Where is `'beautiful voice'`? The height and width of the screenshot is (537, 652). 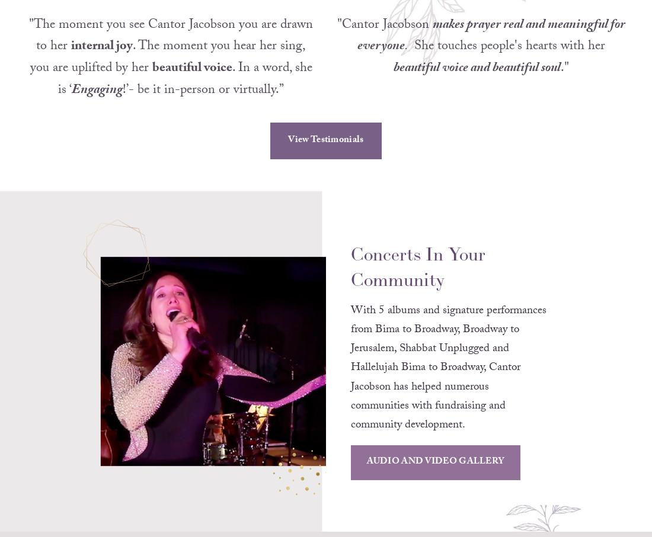
'beautiful voice' is located at coordinates (191, 84).